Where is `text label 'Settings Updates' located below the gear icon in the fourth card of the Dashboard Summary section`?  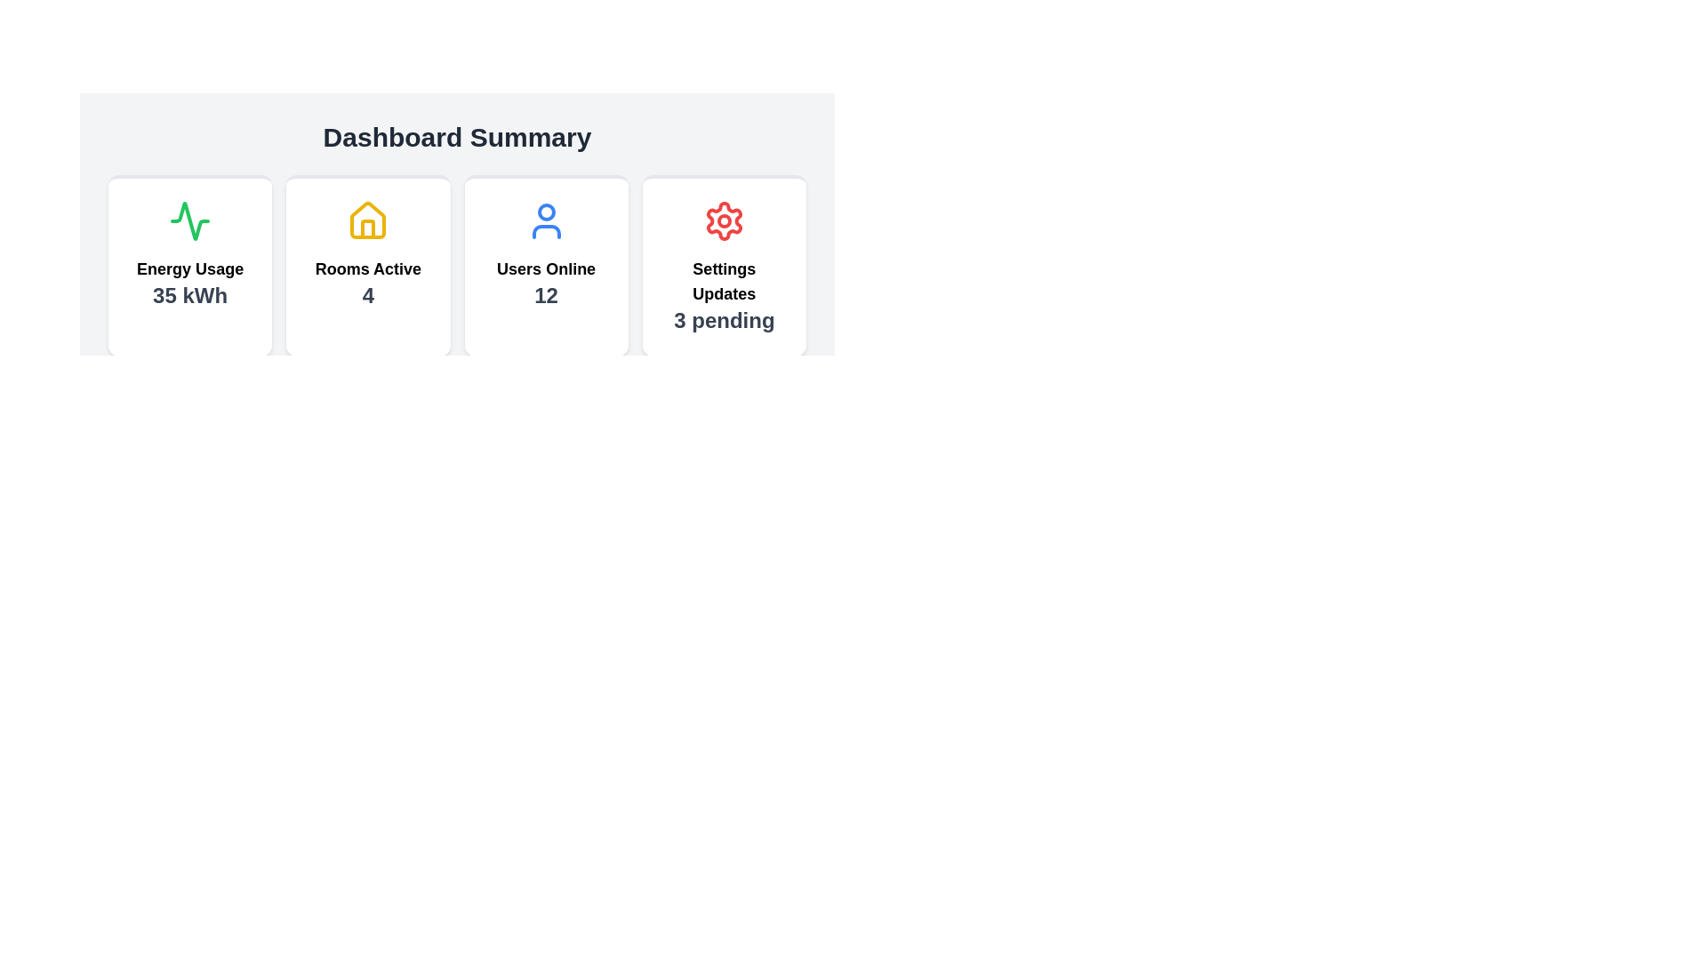 text label 'Settings Updates' located below the gear icon in the fourth card of the Dashboard Summary section is located at coordinates (724, 280).